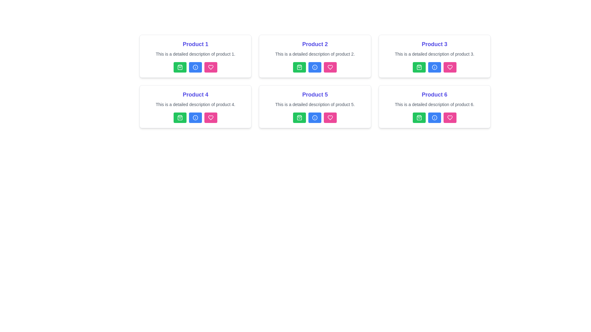 The image size is (591, 332). What do you see at coordinates (434, 104) in the screenshot?
I see `the text label displaying 'This is a detailed description of product 6.' which is centered within the product card for product 6` at bounding box center [434, 104].